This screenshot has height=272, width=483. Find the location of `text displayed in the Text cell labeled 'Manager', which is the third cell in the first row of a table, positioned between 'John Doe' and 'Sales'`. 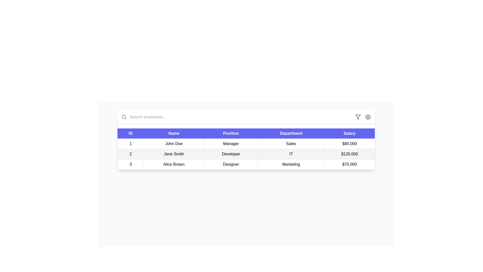

text displayed in the Text cell labeled 'Manager', which is the third cell in the first row of a table, positioned between 'John Doe' and 'Sales' is located at coordinates (231, 144).